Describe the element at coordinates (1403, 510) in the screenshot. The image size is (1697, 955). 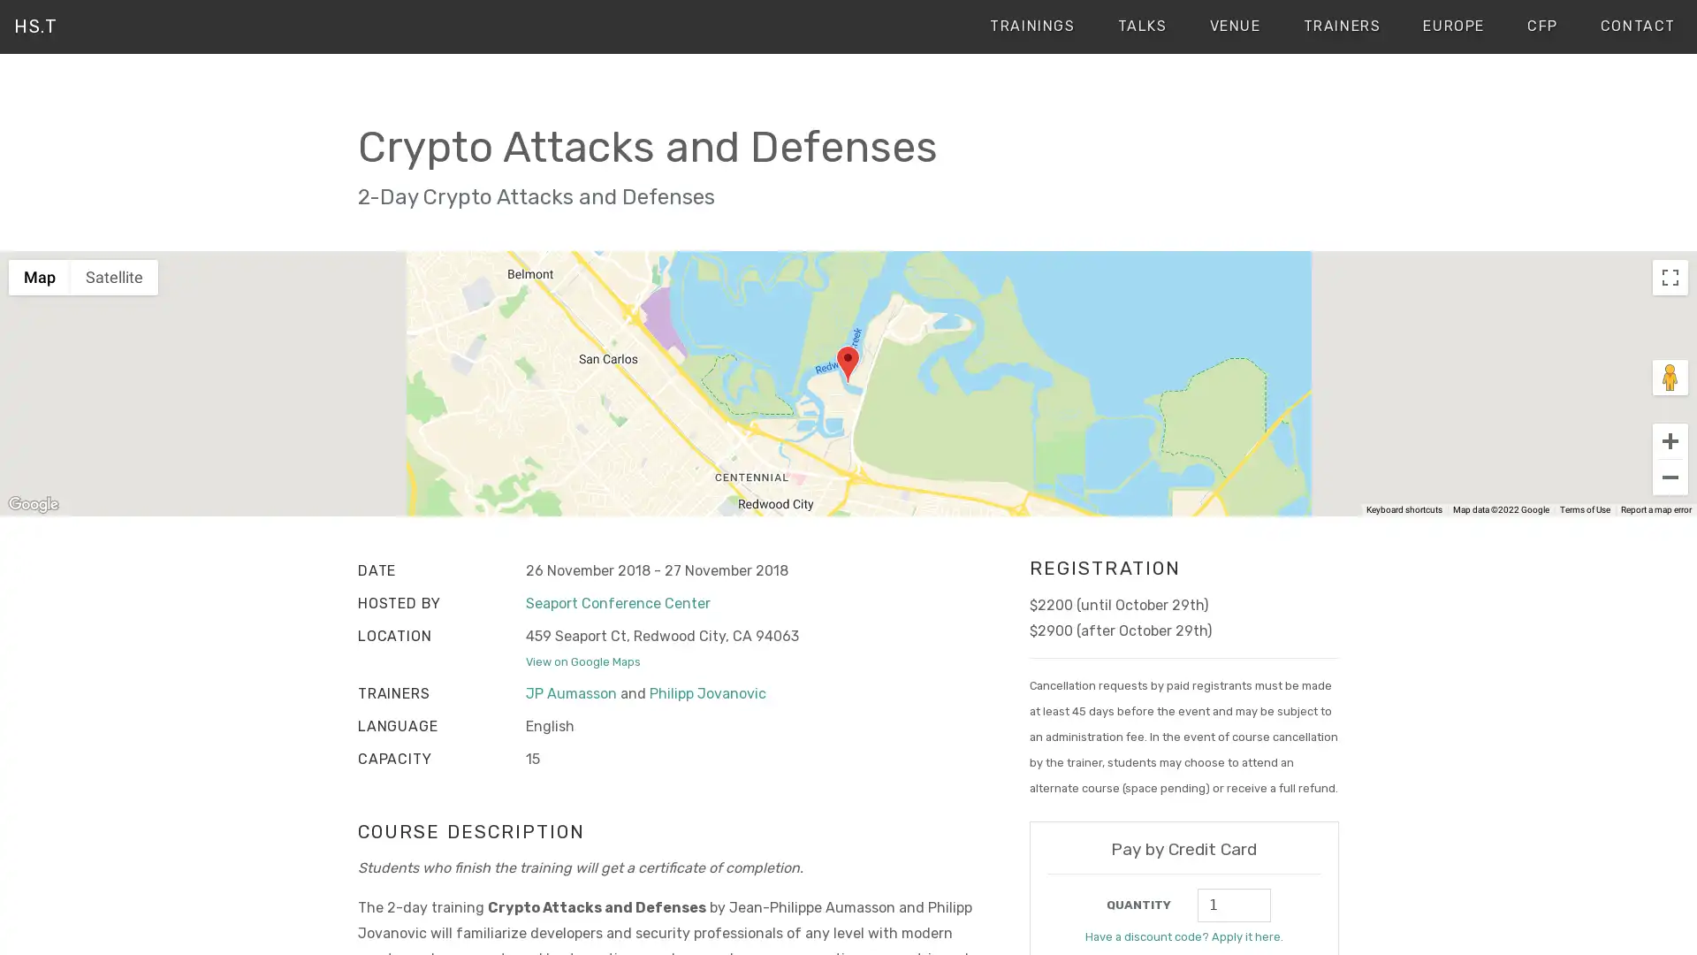
I see `Keyboard shortcuts` at that location.